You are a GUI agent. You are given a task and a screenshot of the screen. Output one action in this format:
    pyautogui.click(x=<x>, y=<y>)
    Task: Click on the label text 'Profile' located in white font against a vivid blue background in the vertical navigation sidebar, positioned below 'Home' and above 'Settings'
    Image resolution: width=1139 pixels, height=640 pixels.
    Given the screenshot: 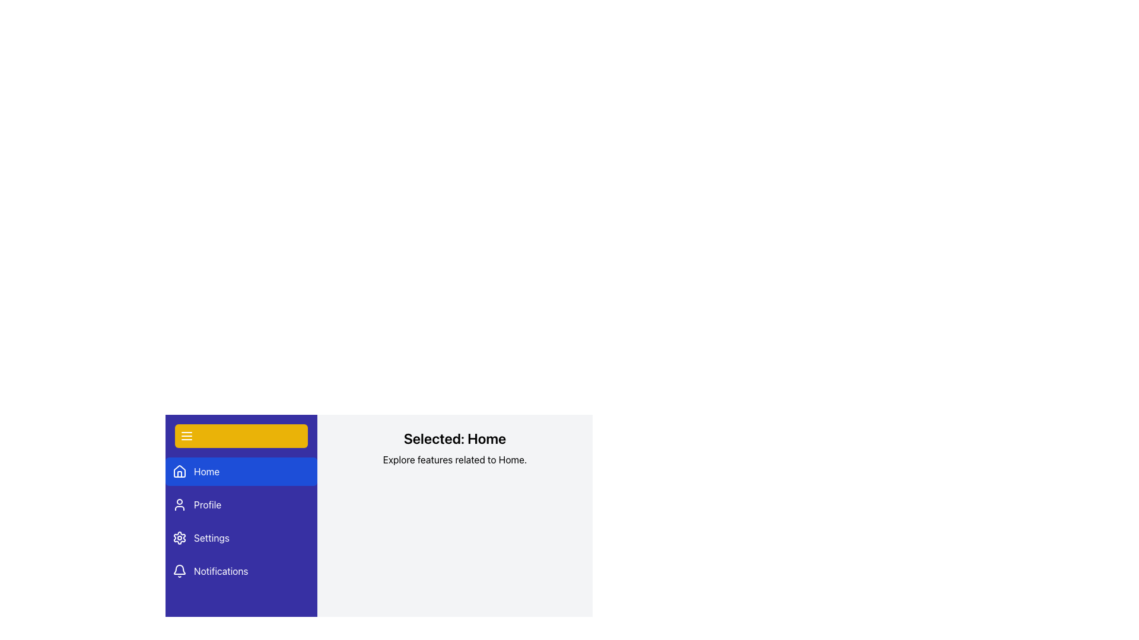 What is the action you would take?
    pyautogui.click(x=208, y=505)
    